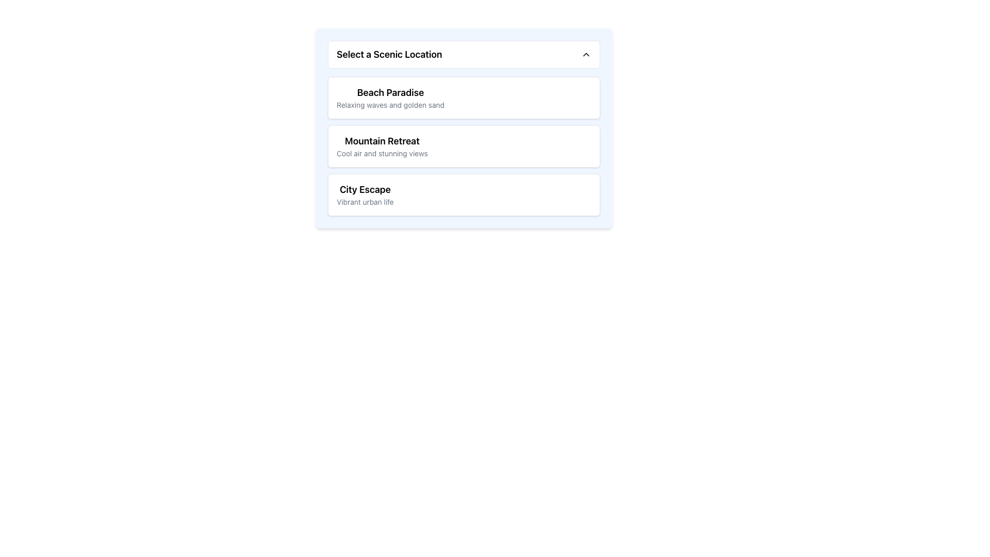  What do you see at coordinates (390, 93) in the screenshot?
I see `the 'Beach Paradise' text label, which serves as a heading for a selectable option in the 'Select a Scenic Location' dropdown` at bounding box center [390, 93].